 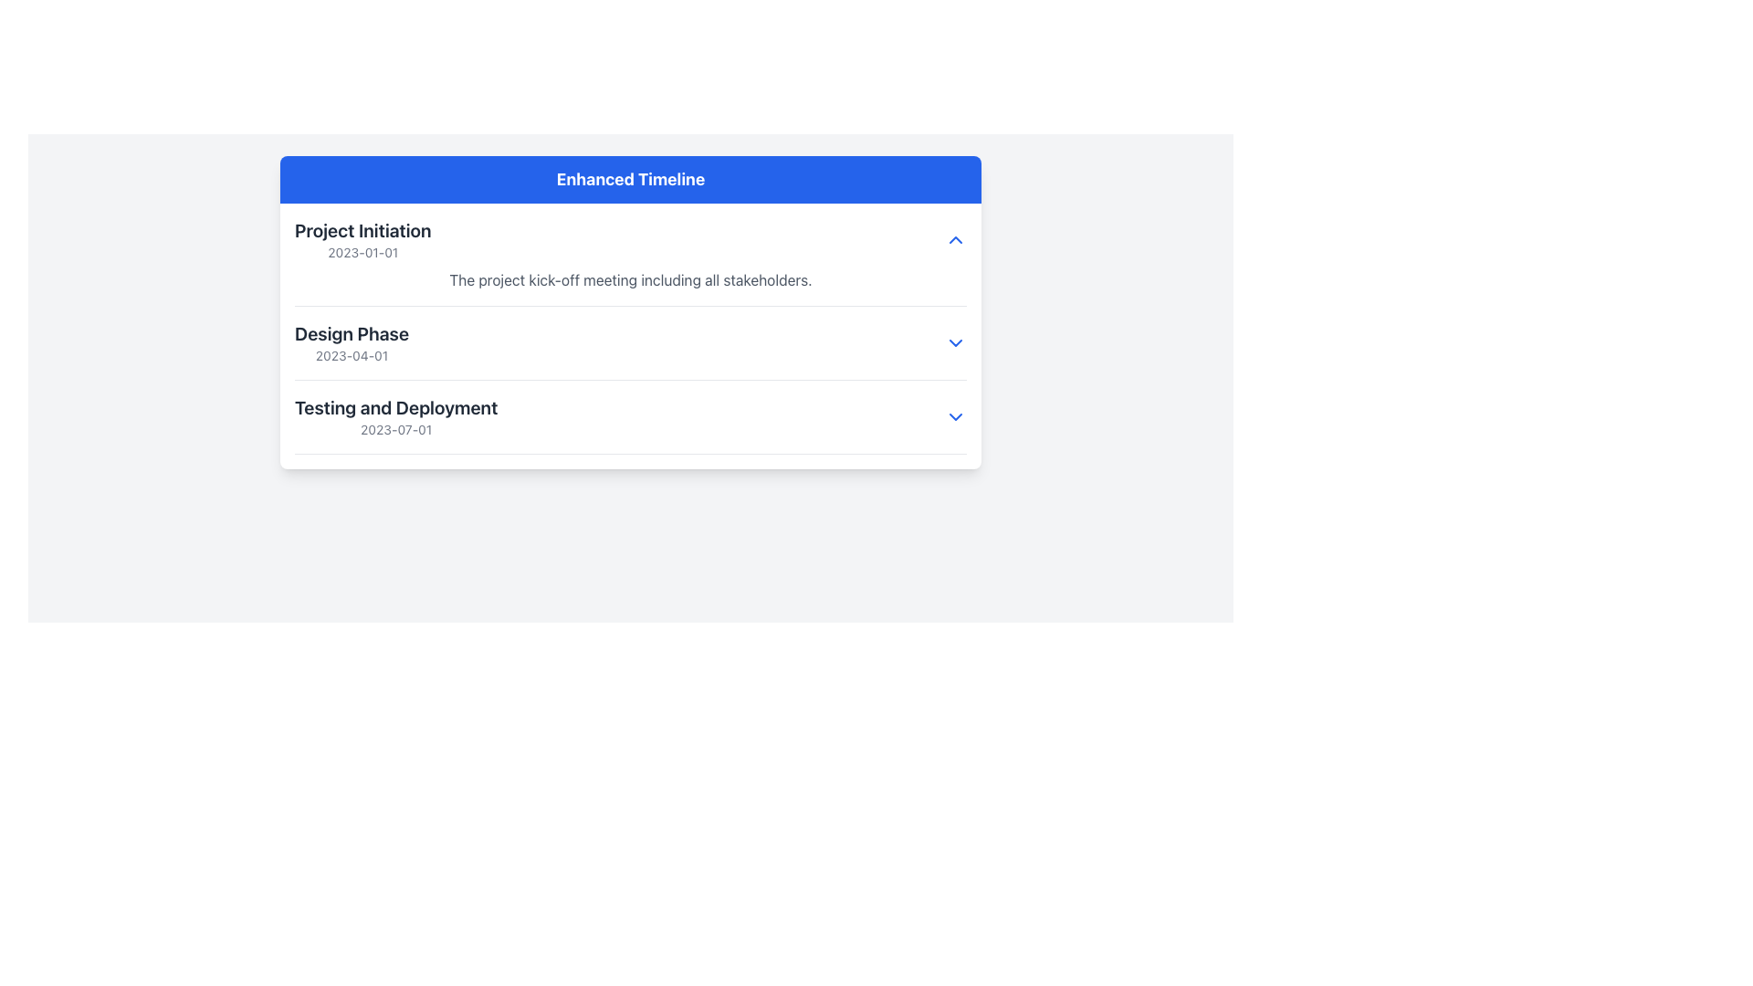 I want to click on the non-interactive date text element located under the 'Design Phase' section, which displays temporal information, so click(x=352, y=355).